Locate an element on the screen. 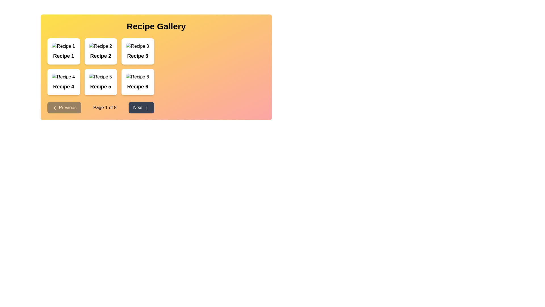 The width and height of the screenshot is (545, 307). the fourth recipe card in the grid layout is located at coordinates (64, 82).